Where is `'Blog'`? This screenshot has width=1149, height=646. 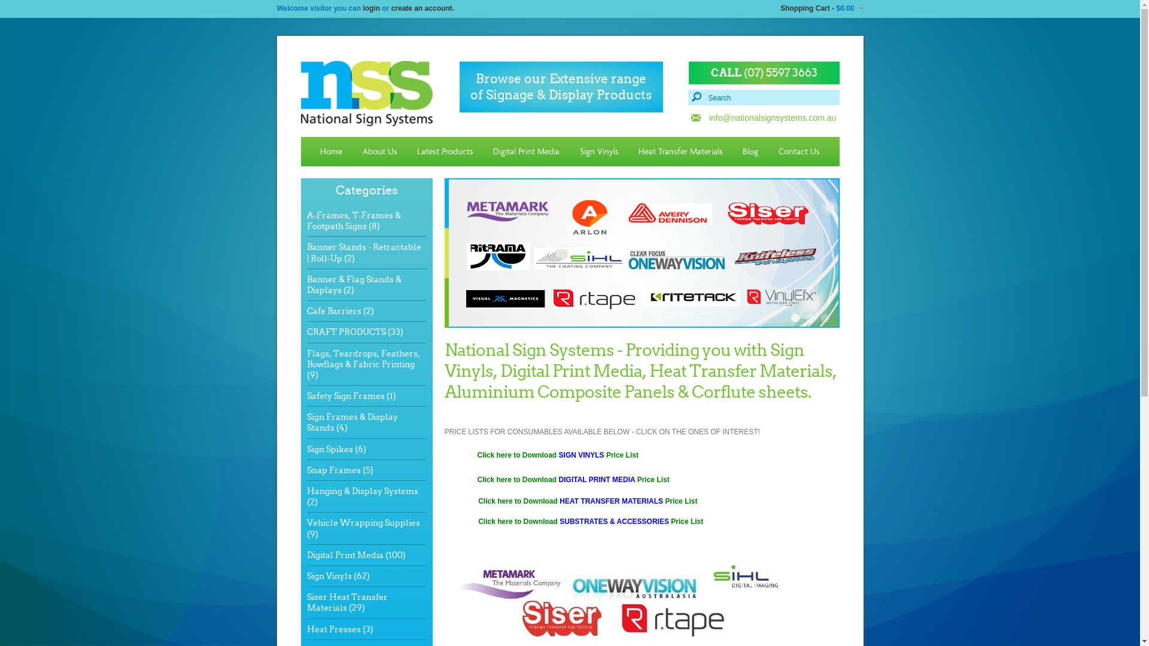
'Blog' is located at coordinates (749, 151).